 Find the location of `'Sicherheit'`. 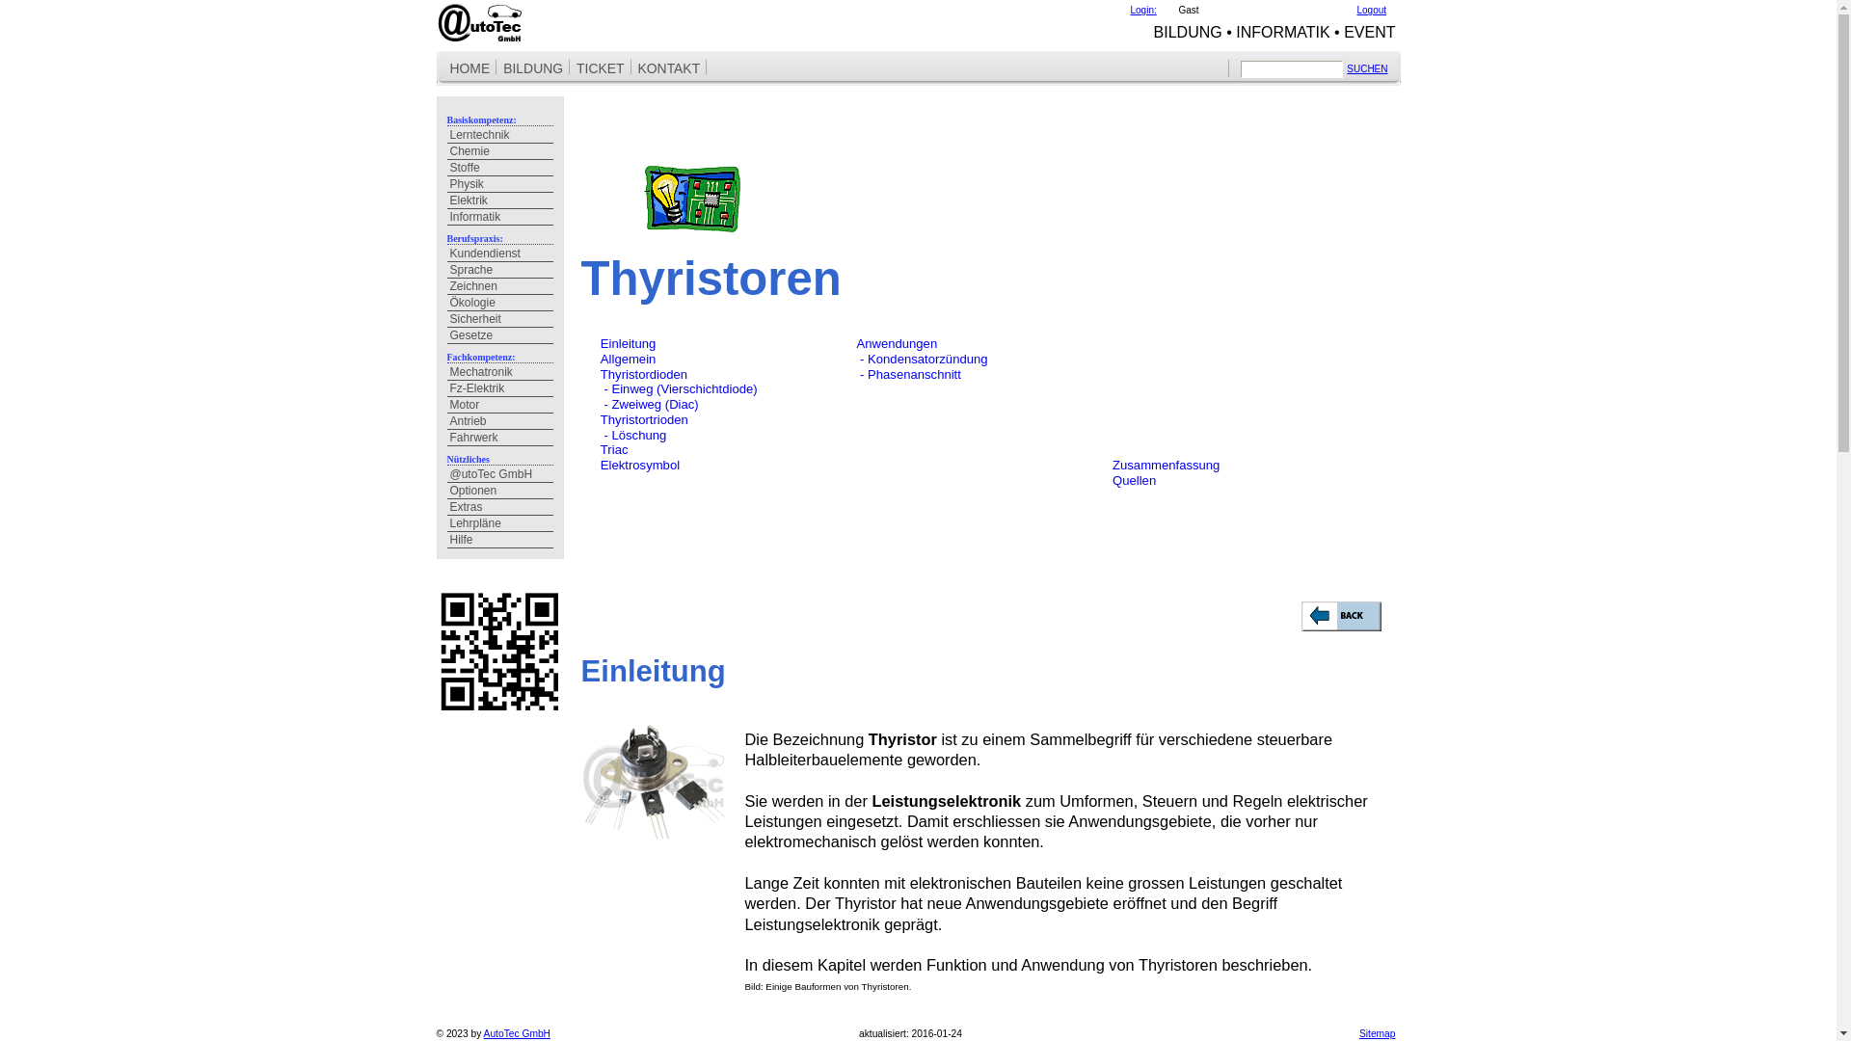

'Sicherheit' is located at coordinates (499, 318).